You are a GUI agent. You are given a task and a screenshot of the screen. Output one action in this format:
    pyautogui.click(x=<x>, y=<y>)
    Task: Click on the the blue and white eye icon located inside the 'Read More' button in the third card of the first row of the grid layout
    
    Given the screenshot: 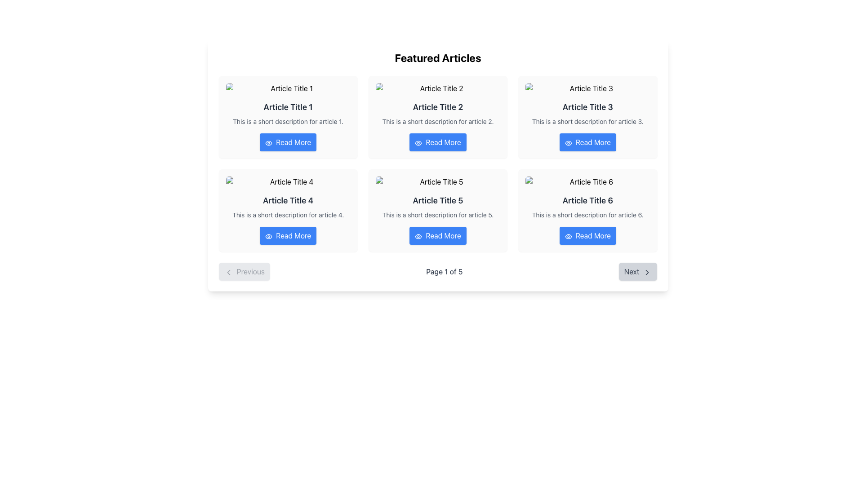 What is the action you would take?
    pyautogui.click(x=568, y=142)
    